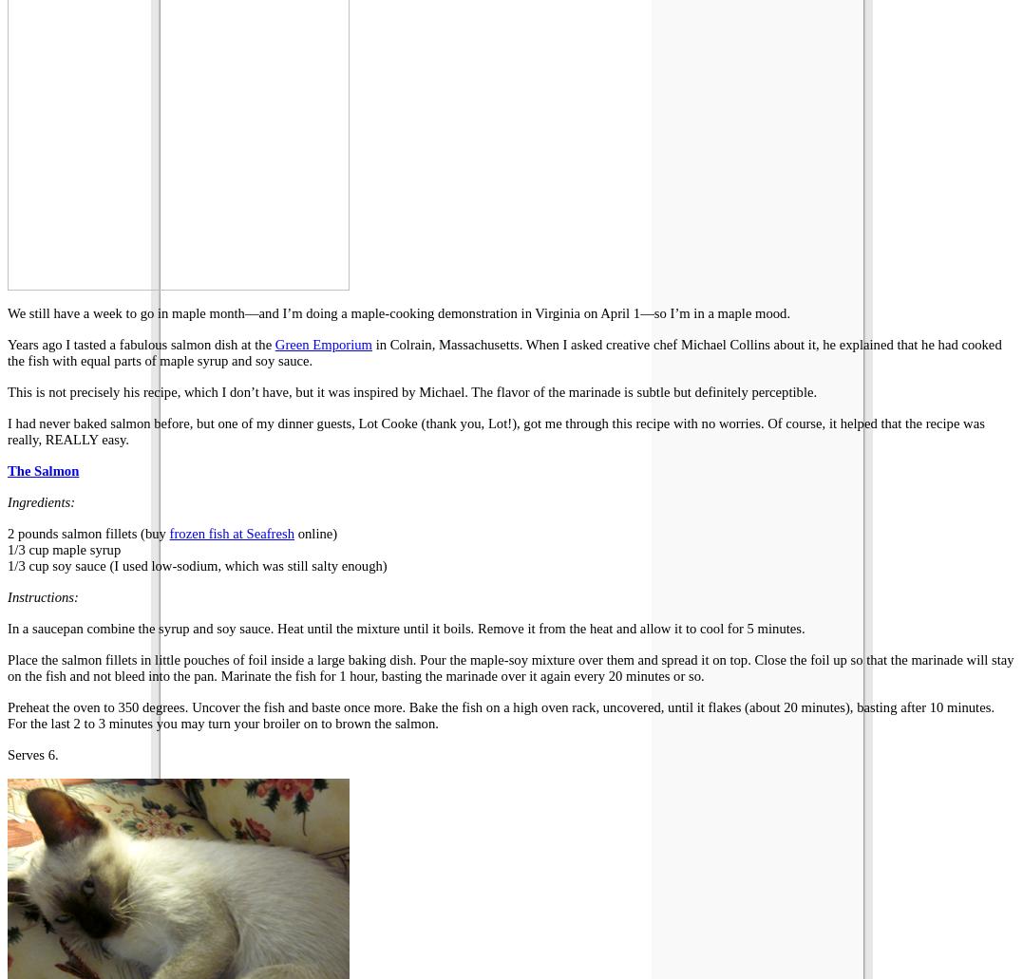 This screenshot has width=1023, height=979. I want to click on 'online)', so click(314, 531).